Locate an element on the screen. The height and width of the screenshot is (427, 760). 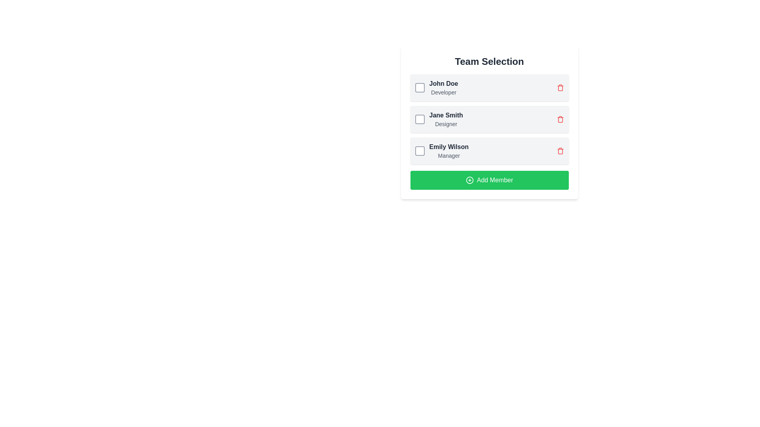
the list item representing 'Emily Wilson', the Manager, which includes a checkbox for selection and is located under the 'Team Selection' heading is located at coordinates (441, 151).